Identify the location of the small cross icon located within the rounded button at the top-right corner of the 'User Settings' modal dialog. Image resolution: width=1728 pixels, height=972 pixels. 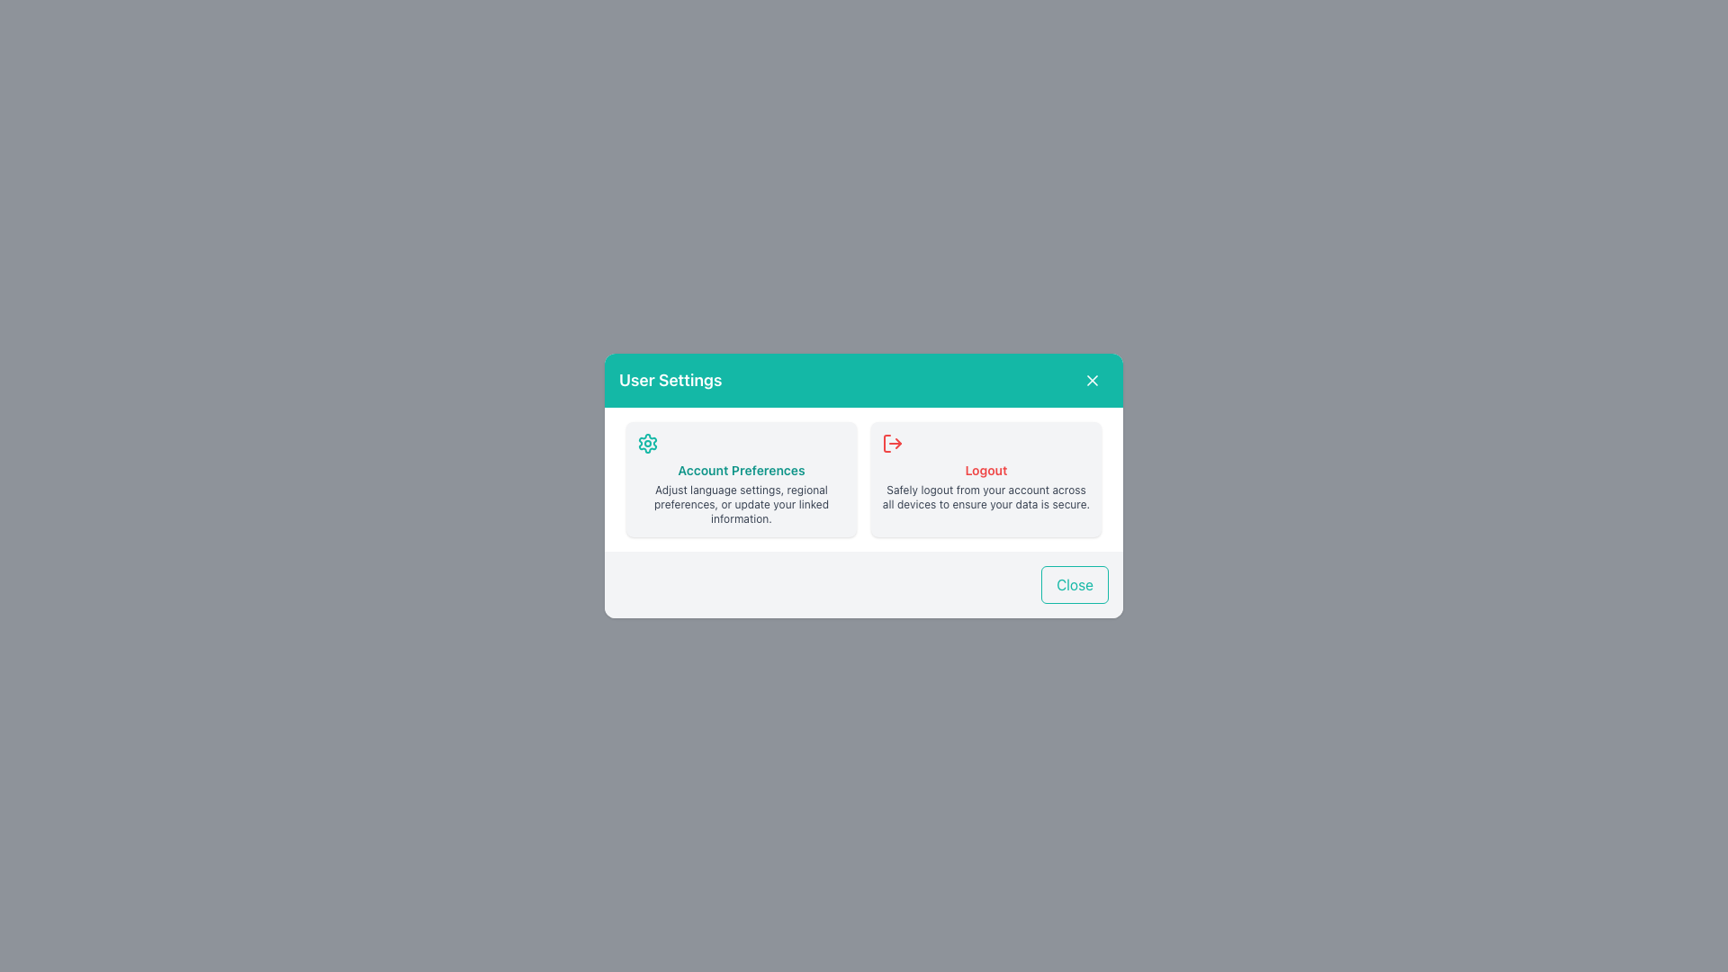
(1092, 380).